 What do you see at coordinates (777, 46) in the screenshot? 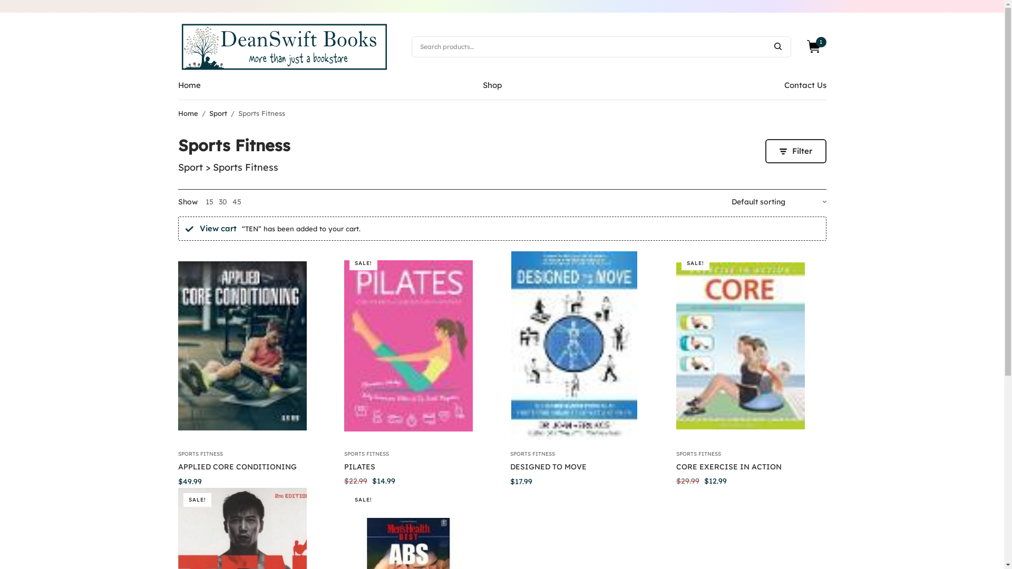
I see `'Search'` at bounding box center [777, 46].